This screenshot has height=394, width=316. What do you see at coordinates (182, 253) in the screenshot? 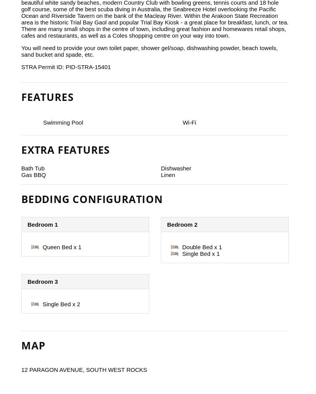
I see `'Single Bed x 1'` at bounding box center [182, 253].